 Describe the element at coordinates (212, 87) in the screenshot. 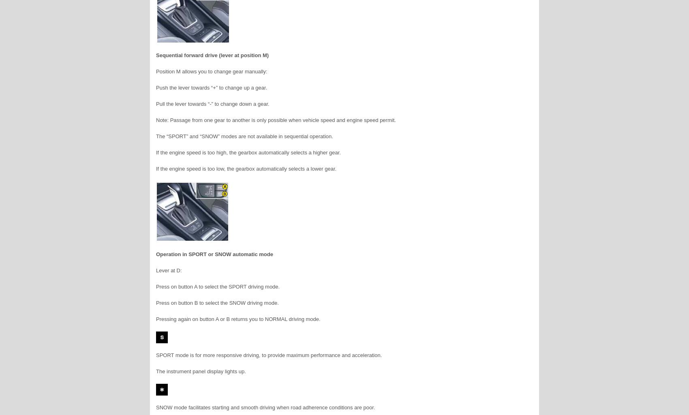

I see `'Push the lever towards “+” to change up a gear.'` at that location.